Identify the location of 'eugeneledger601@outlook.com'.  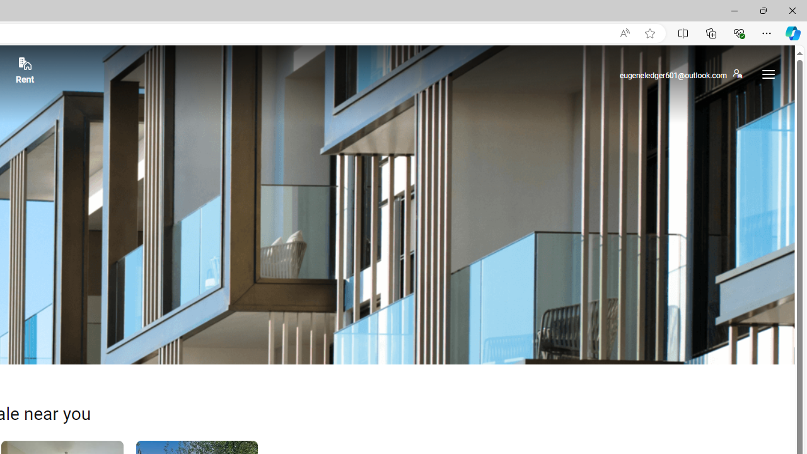
(680, 74).